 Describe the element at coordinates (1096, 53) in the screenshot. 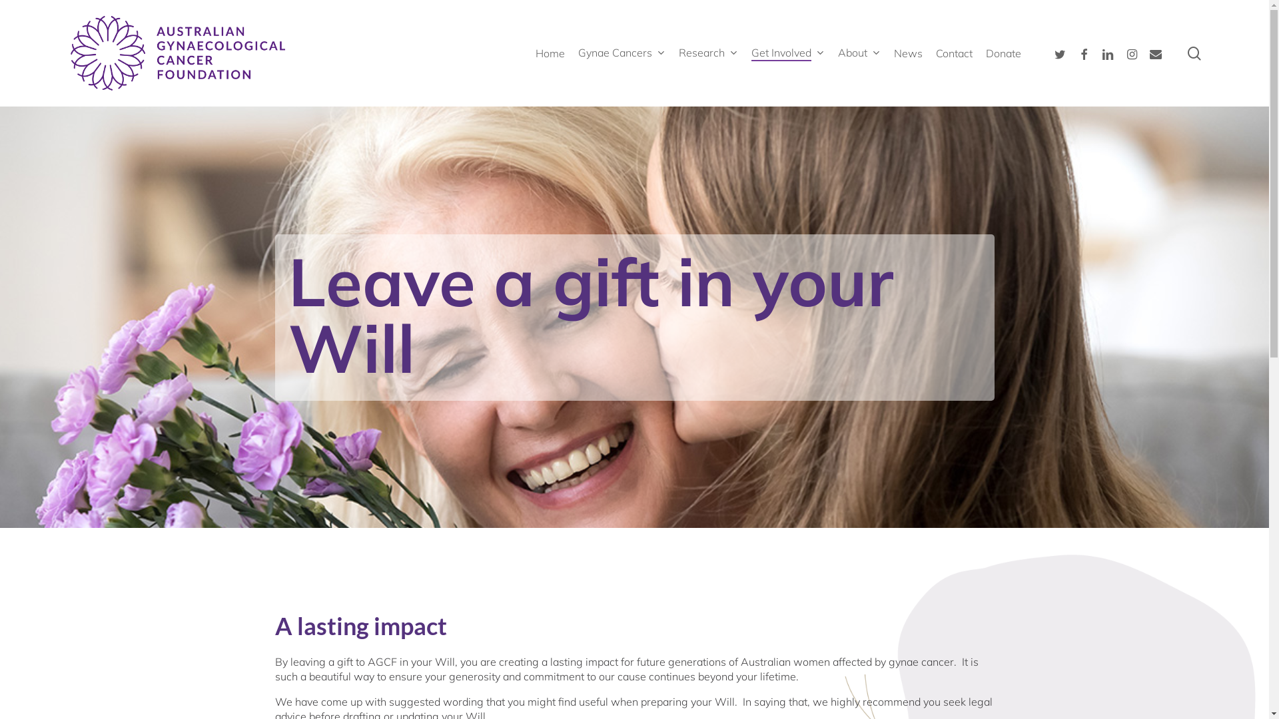

I see `'linkedin'` at that location.